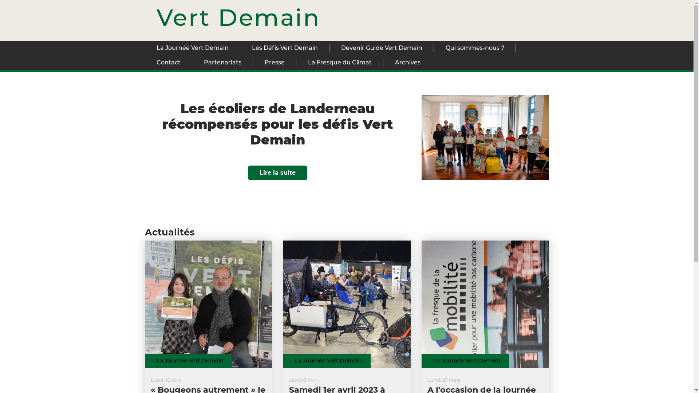  What do you see at coordinates (277, 172) in the screenshot?
I see `'Lire la suite'` at bounding box center [277, 172].